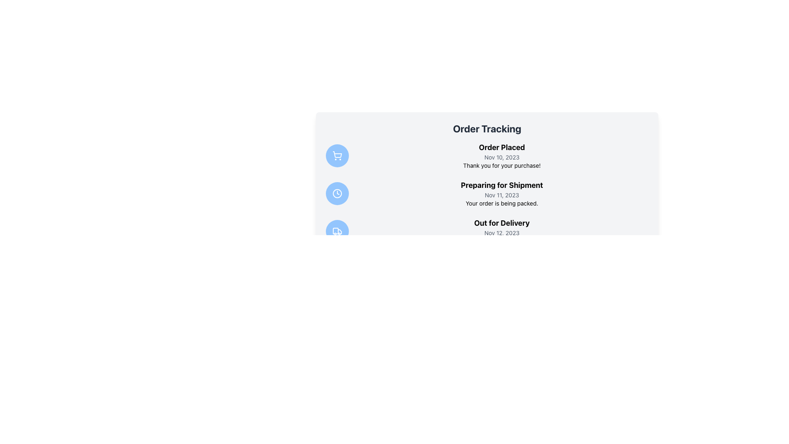 This screenshot has width=789, height=444. I want to click on the text label displaying the date 'Nov 12, 2023', which is styled in small gray font and positioned beneath 'Out for Delivery' and above 'The courier has picked up your order.', so click(501, 233).